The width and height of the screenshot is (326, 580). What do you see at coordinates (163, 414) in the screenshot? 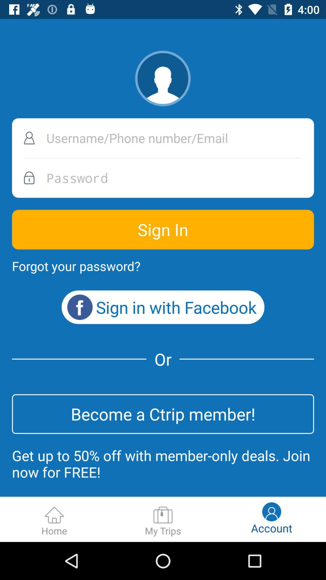
I see `the become a ctrip` at bounding box center [163, 414].